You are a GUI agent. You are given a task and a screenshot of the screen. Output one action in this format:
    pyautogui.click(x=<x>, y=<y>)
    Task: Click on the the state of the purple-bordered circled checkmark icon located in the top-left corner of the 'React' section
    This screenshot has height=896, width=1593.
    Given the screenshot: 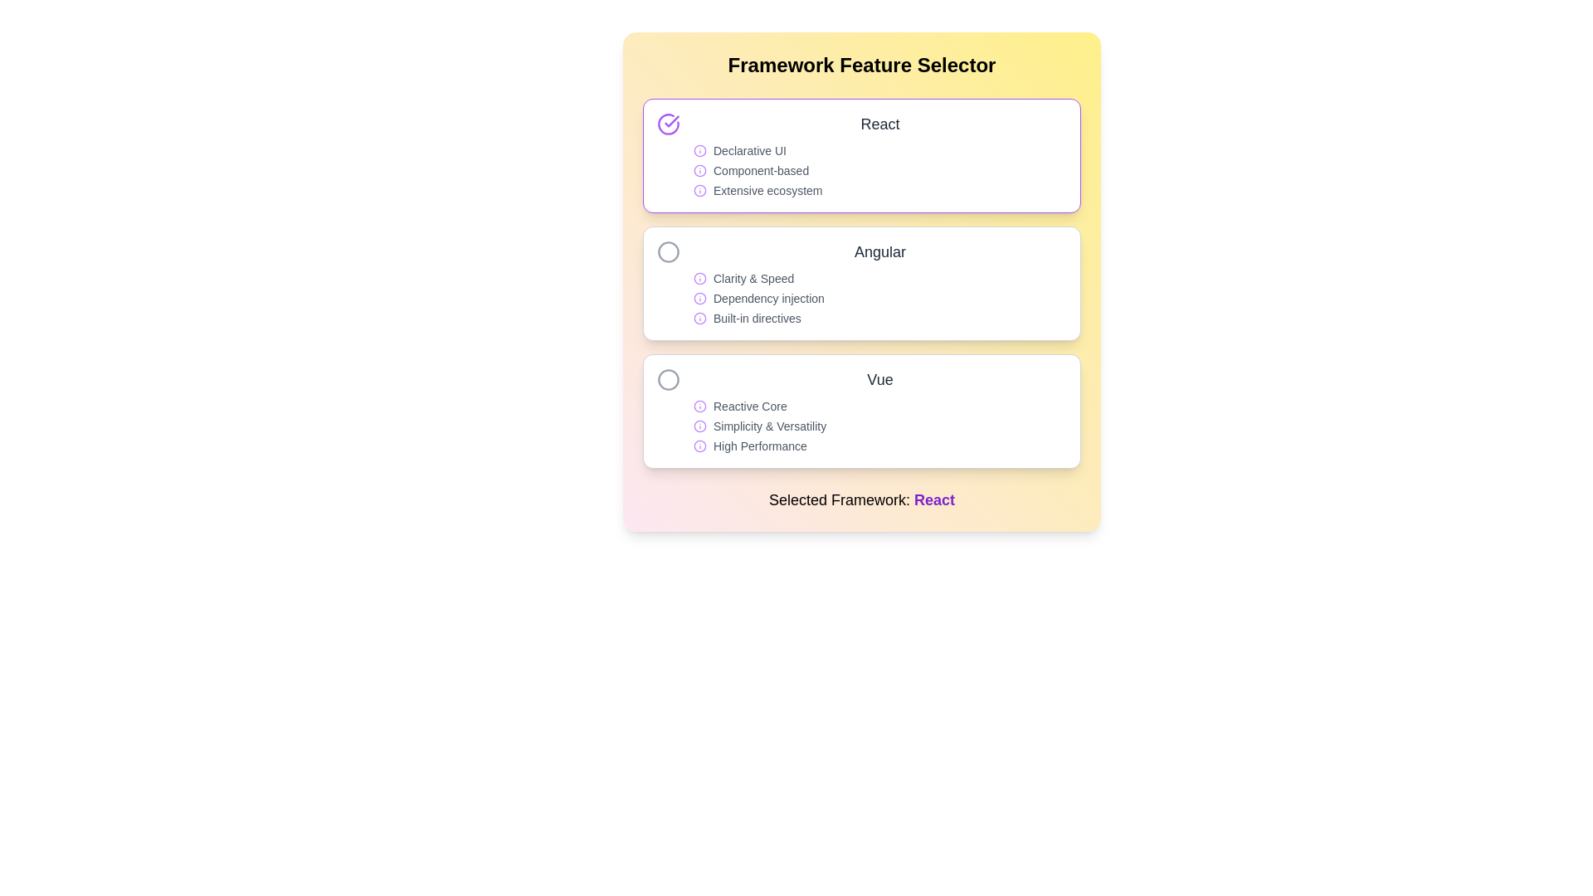 What is the action you would take?
    pyautogui.click(x=669, y=124)
    